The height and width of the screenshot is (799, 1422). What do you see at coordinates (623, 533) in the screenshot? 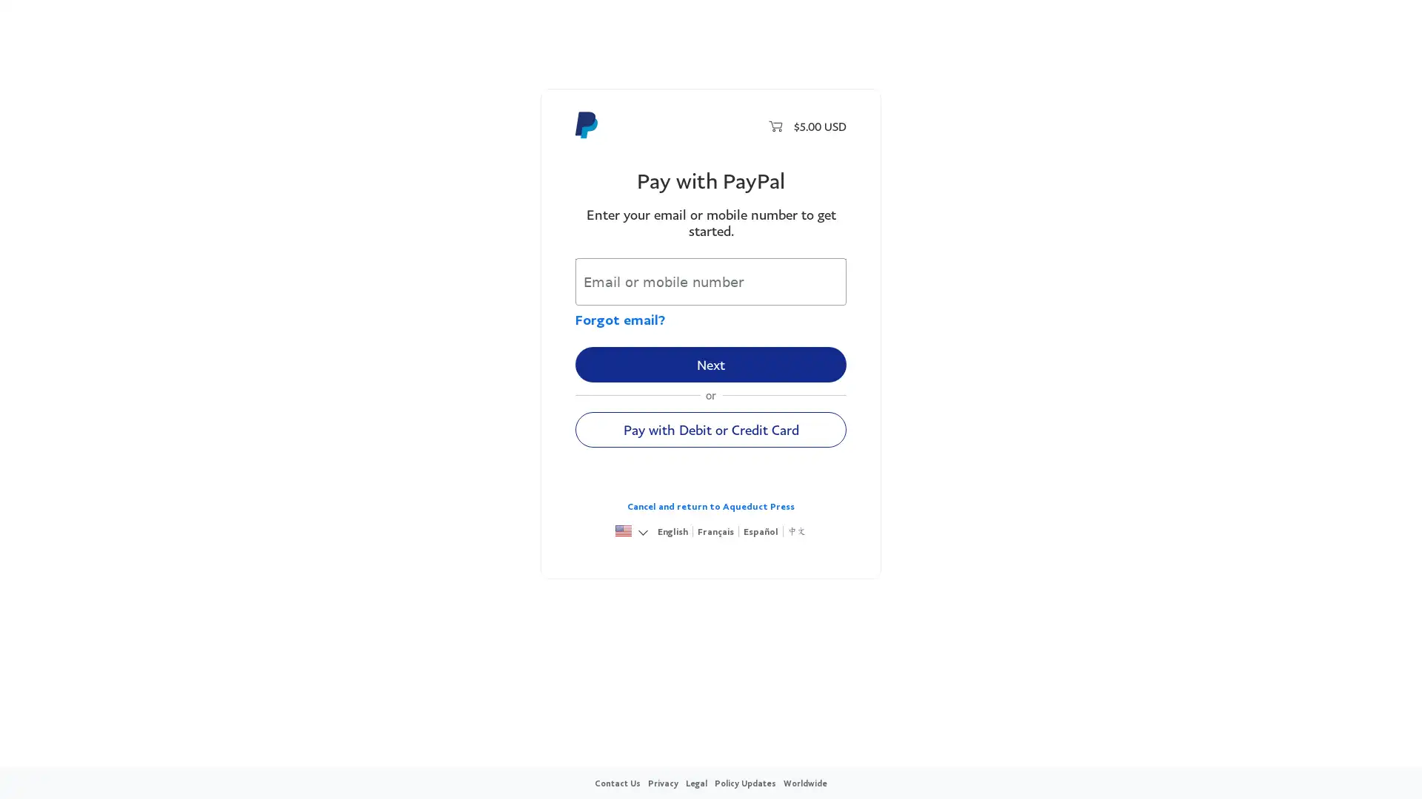
I see `United States` at bounding box center [623, 533].